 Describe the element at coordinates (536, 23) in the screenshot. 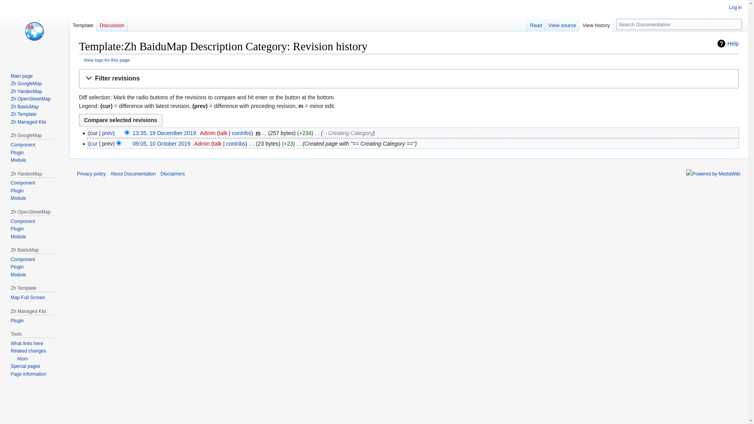

I see `'Read'` at that location.